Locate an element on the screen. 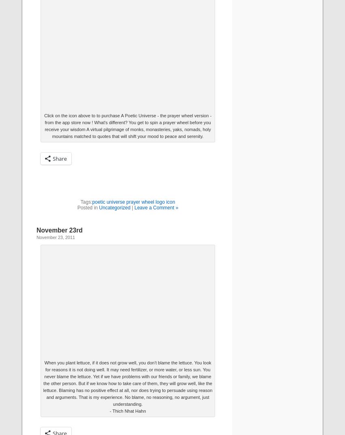 This screenshot has height=435, width=345. 'Tags:' is located at coordinates (86, 201).